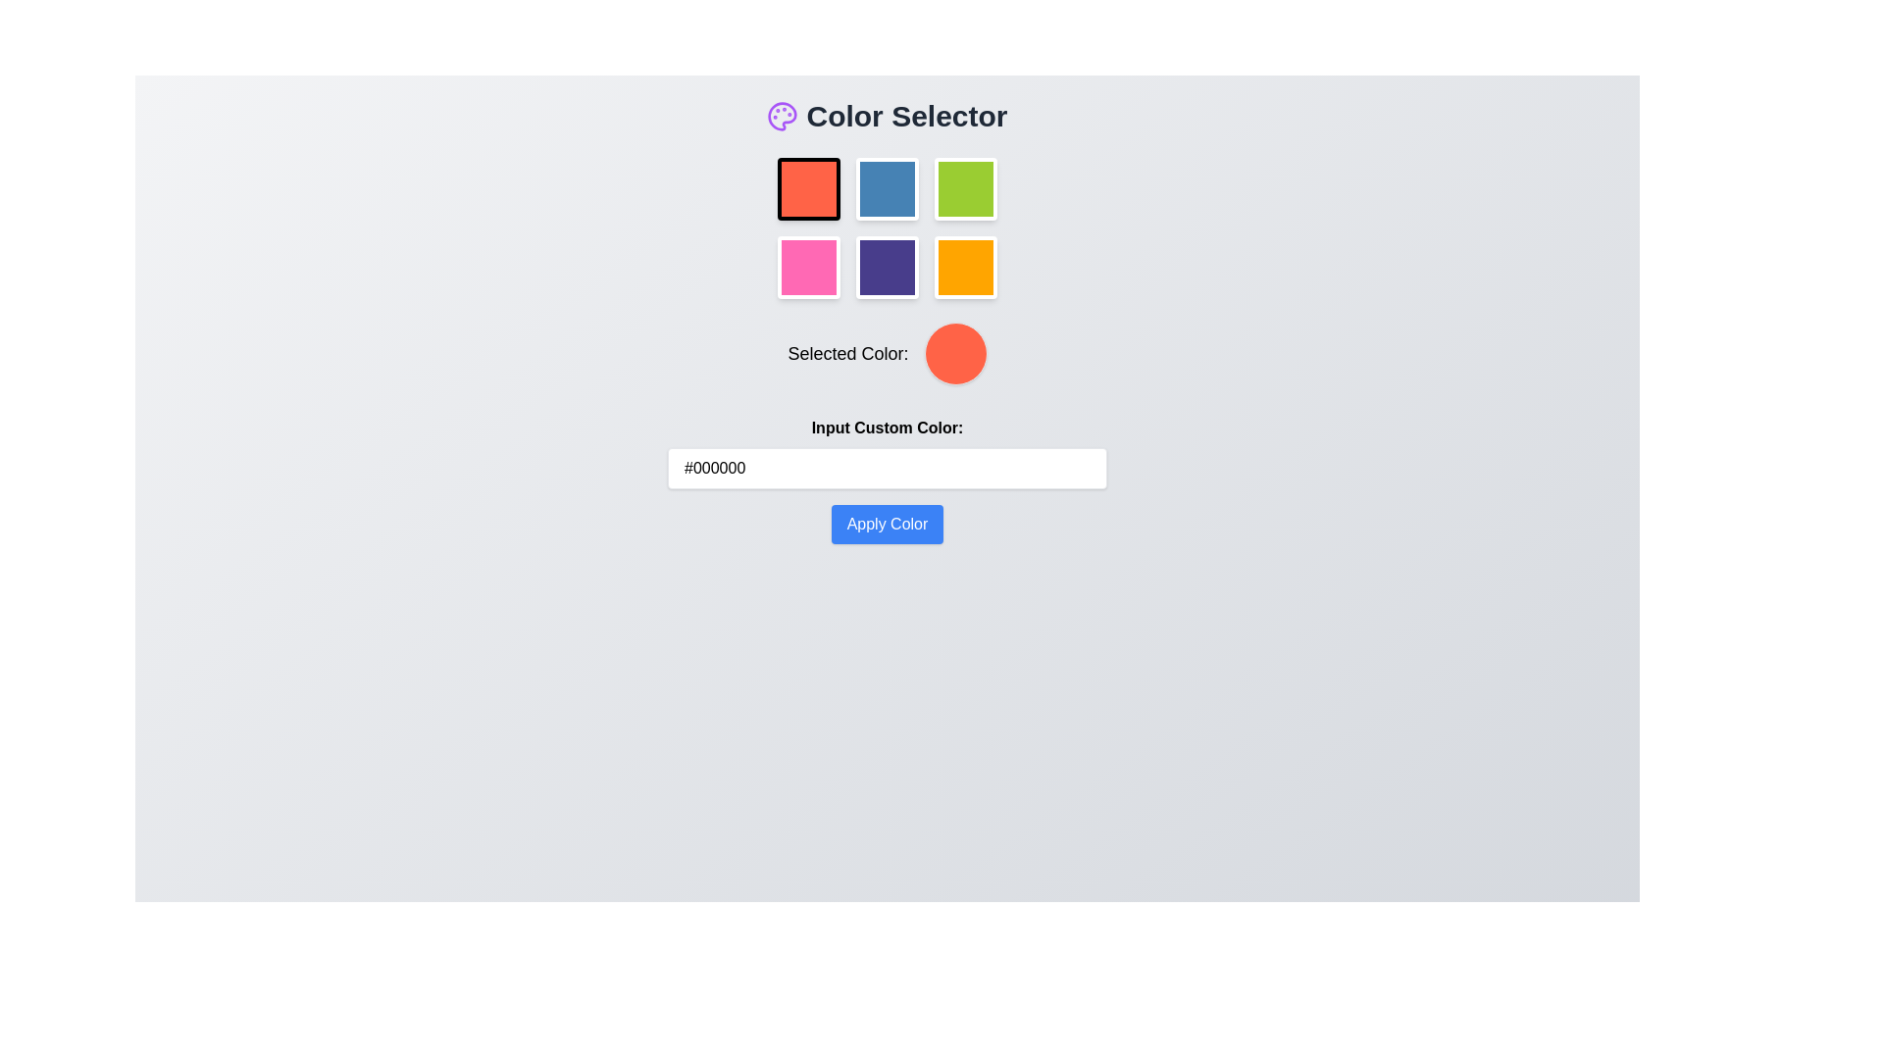 The height and width of the screenshot is (1059, 1883). What do you see at coordinates (887, 268) in the screenshot?
I see `the deep purple square button with rounded corners and a white border located below the 'Color Selector' title` at bounding box center [887, 268].